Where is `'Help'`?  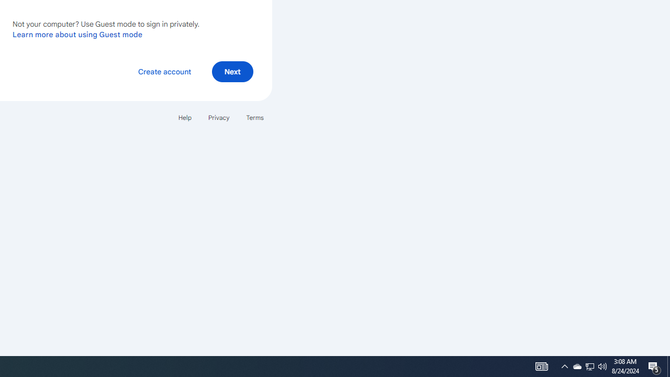
'Help' is located at coordinates (184, 117).